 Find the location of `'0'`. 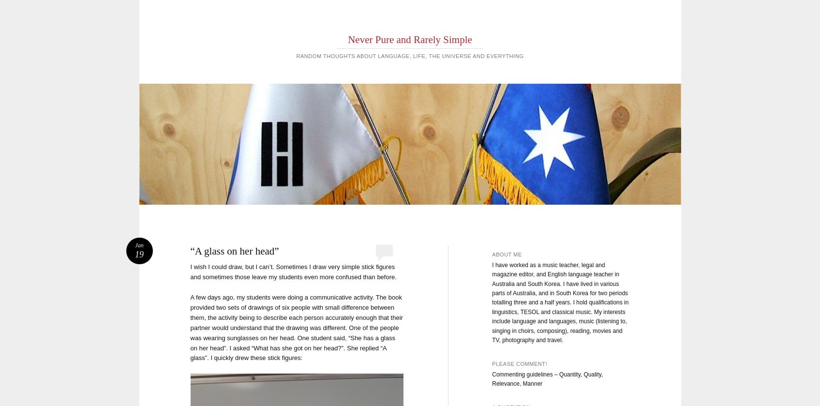

'0' is located at coordinates (384, 250).